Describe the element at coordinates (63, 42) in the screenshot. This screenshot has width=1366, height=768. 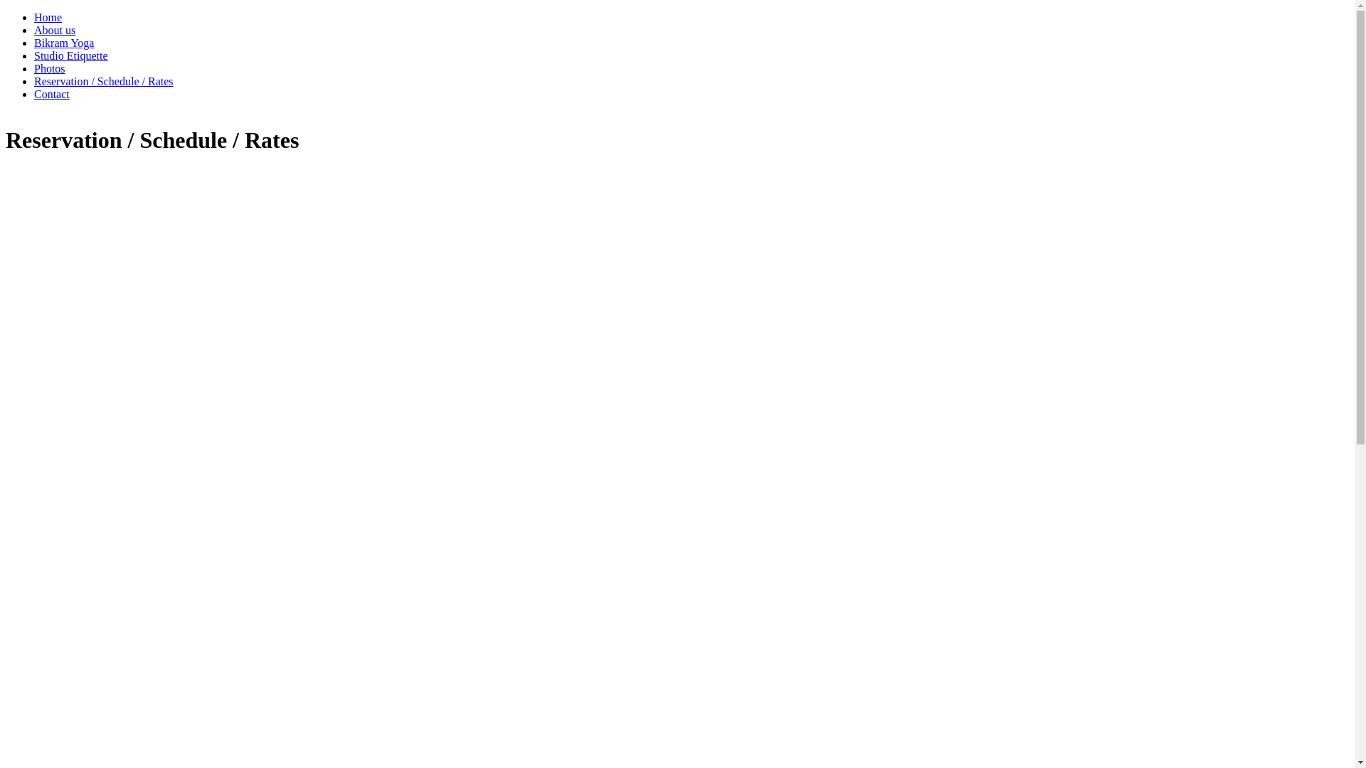
I see `'Bikram Yoga'` at that location.